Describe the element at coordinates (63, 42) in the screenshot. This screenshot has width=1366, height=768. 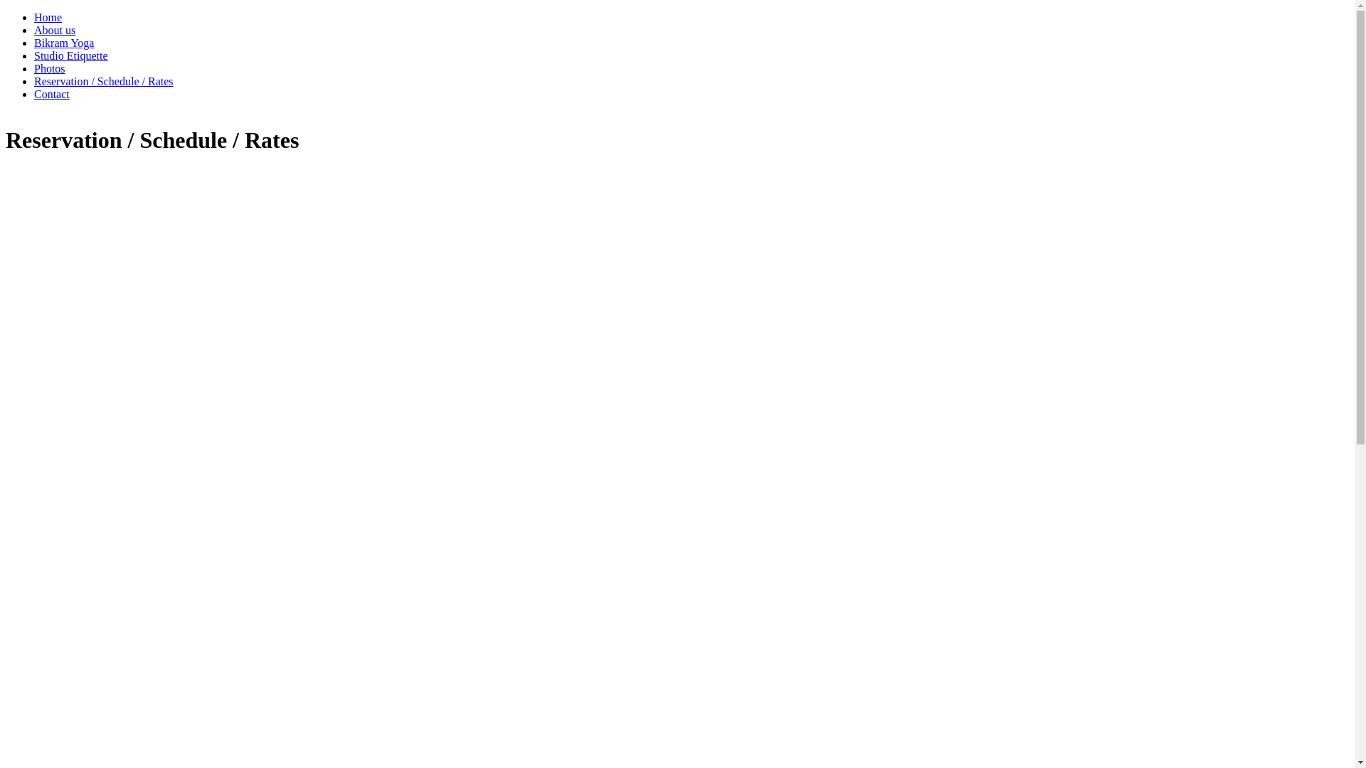
I see `'Bikram Yoga'` at that location.